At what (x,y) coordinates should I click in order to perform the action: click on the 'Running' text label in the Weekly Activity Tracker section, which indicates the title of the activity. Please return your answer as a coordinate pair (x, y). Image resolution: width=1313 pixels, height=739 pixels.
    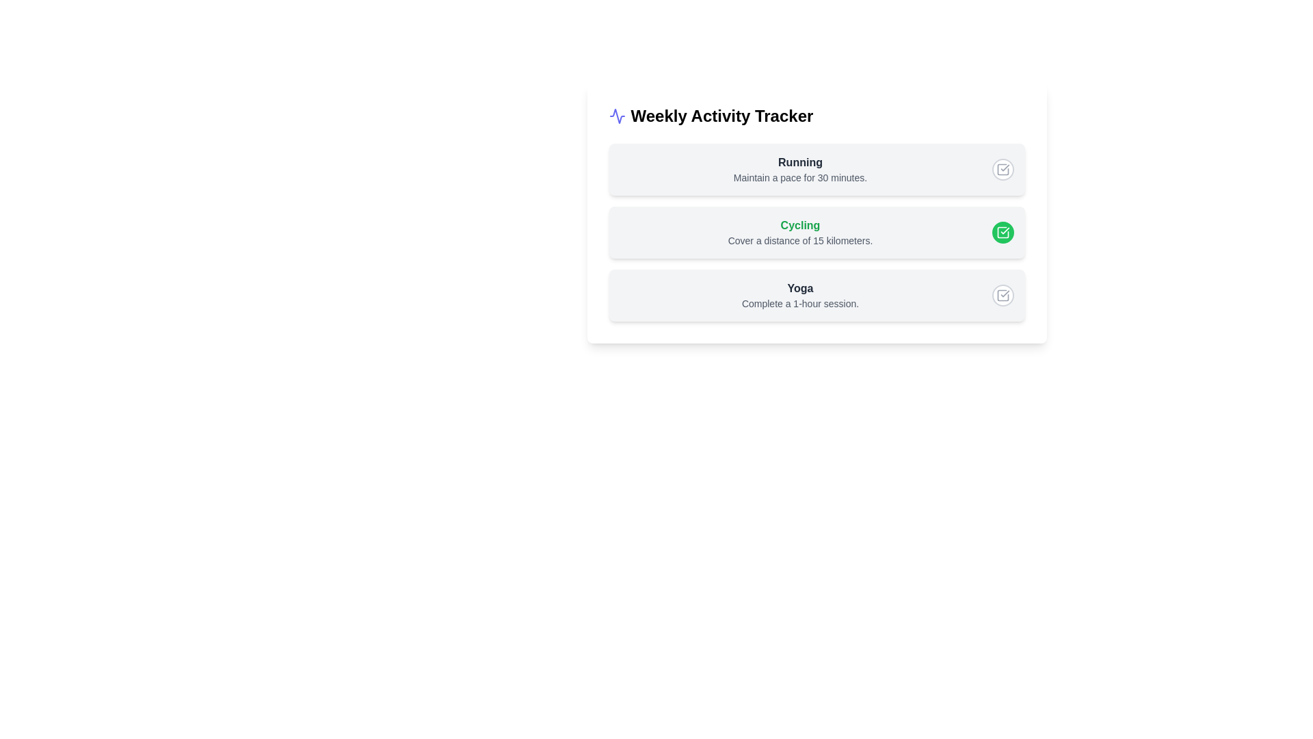
    Looking at the image, I should click on (800, 162).